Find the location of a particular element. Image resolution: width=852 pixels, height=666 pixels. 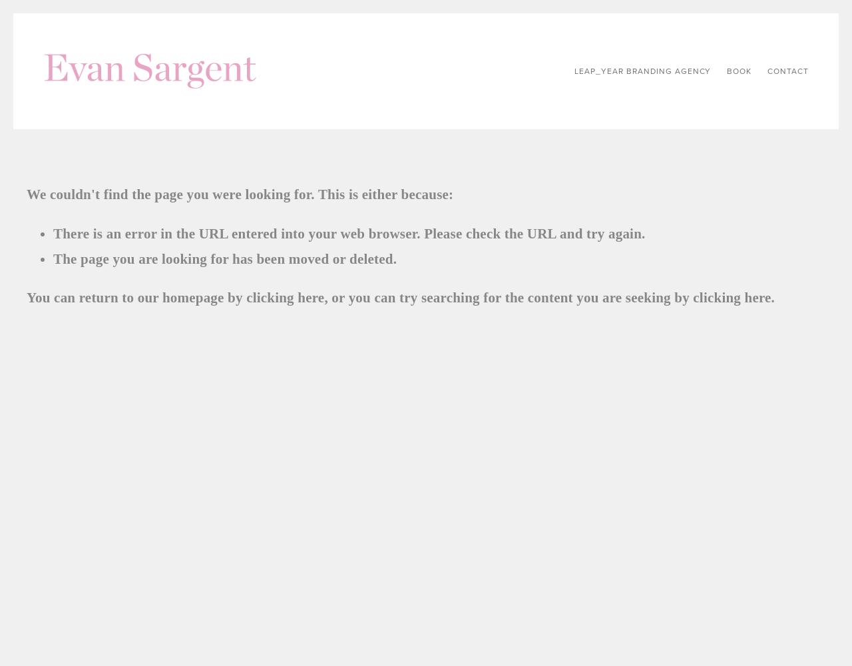

'The page you are looking for has been moved or deleted.' is located at coordinates (225, 258).